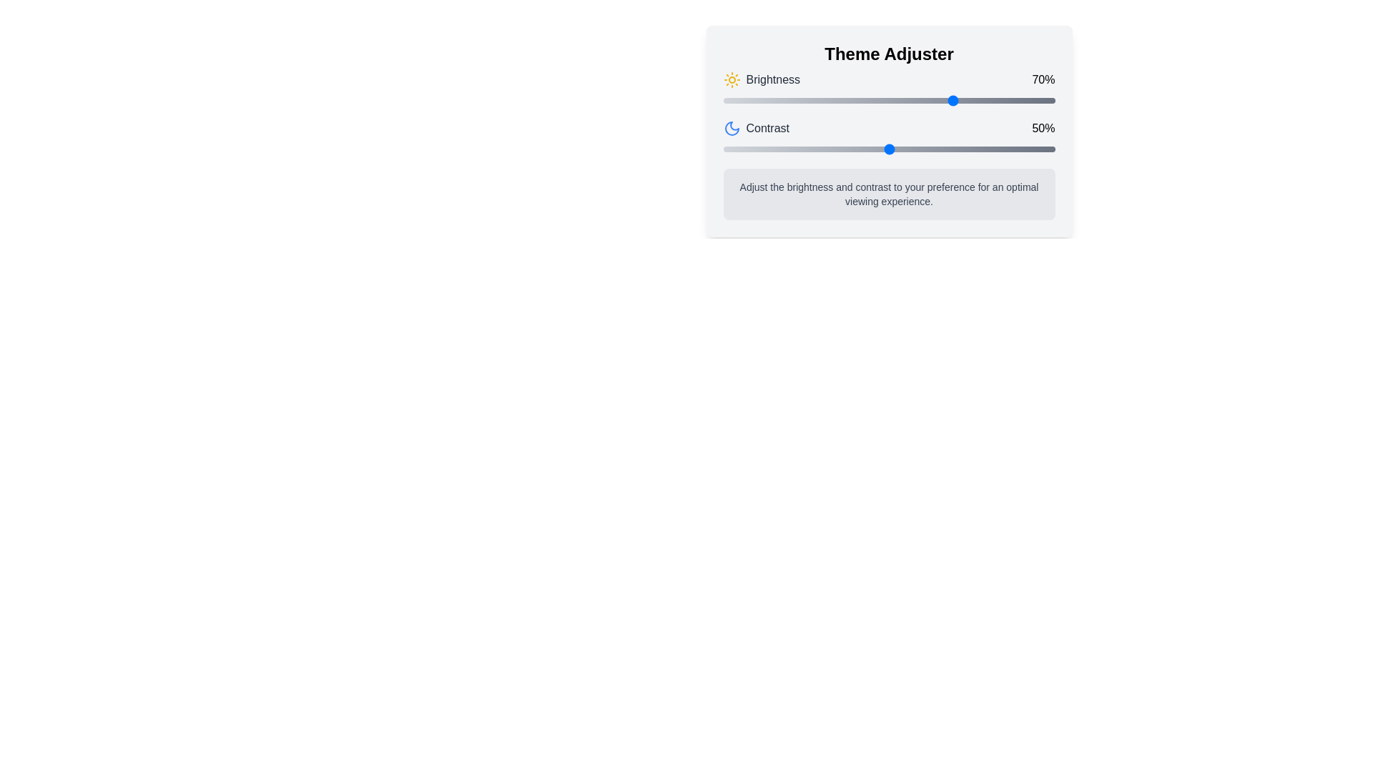 This screenshot has height=772, width=1373. Describe the element at coordinates (732, 129) in the screenshot. I see `the moon-shaped icon located in the 'Theme Adjuster' panel, which is positioned to the right of the 'Brightness' label` at that location.